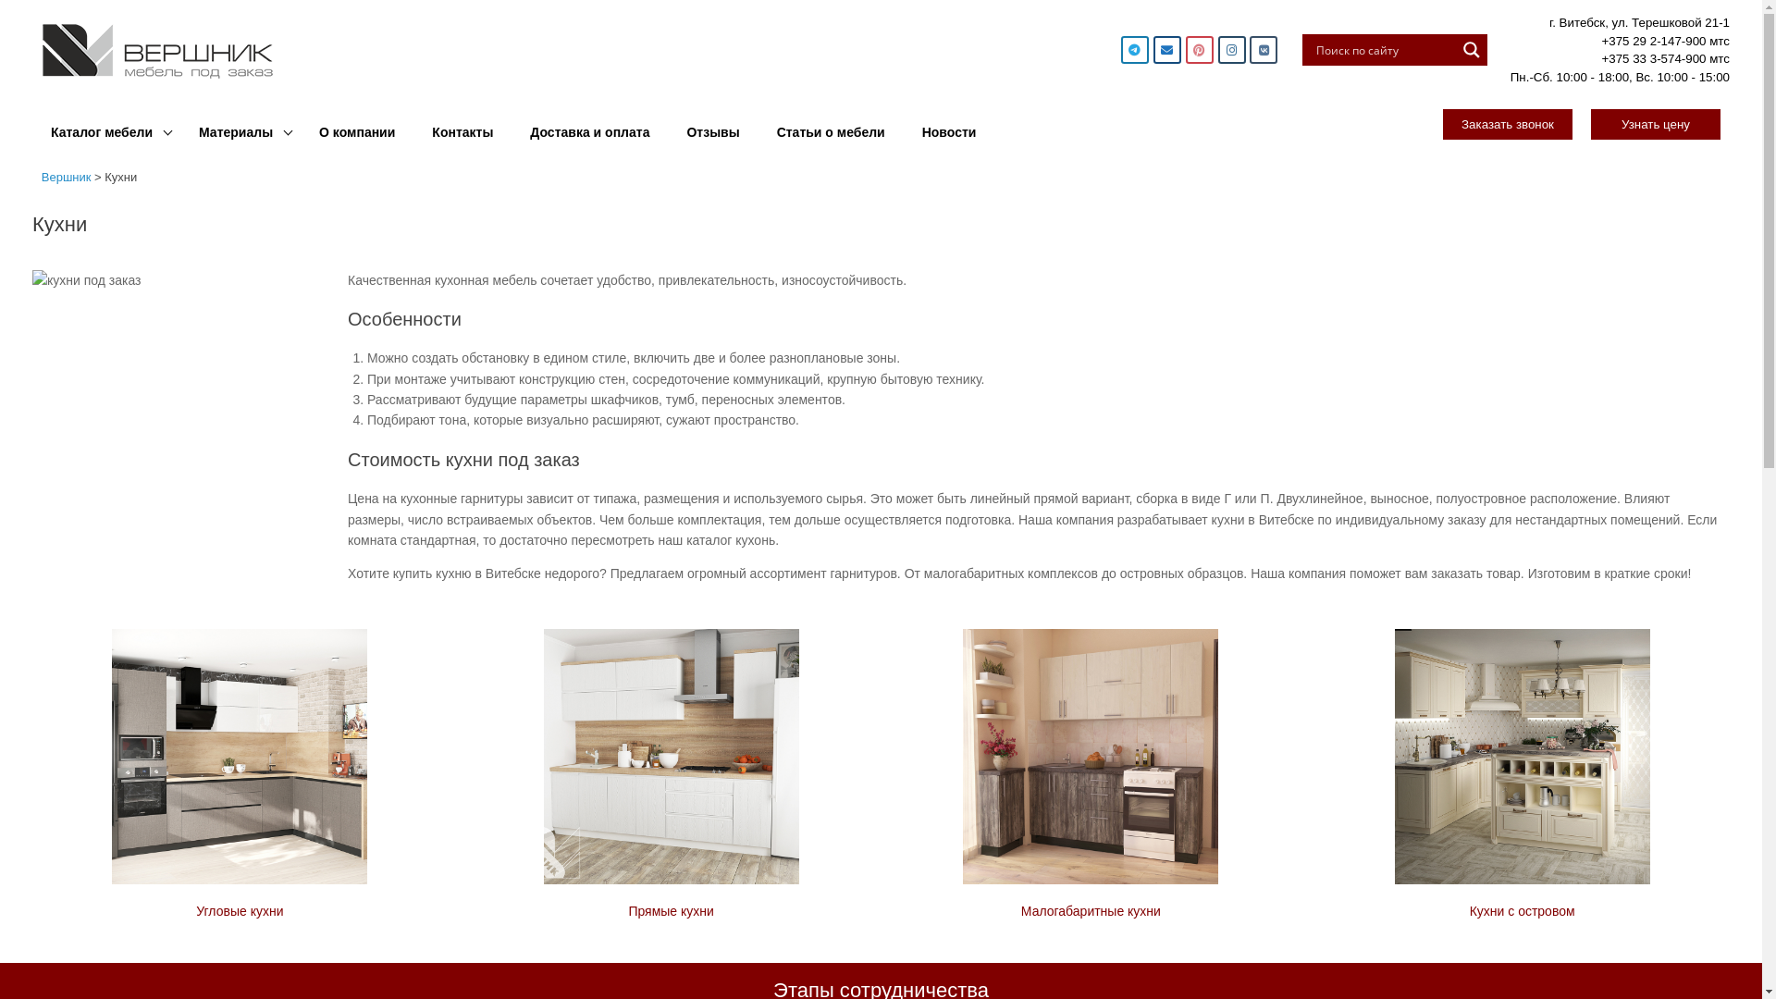 The width and height of the screenshot is (1776, 999). Describe the element at coordinates (1653, 57) in the screenshot. I see `'+375 33 3-574-900'` at that location.